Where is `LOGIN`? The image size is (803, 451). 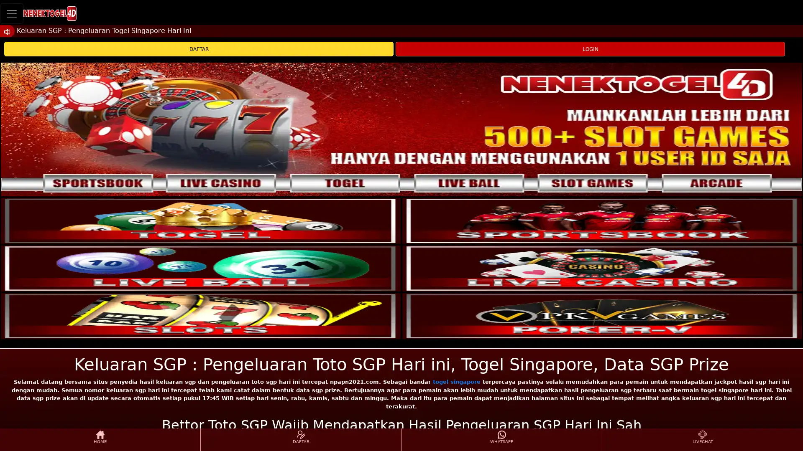
LOGIN is located at coordinates (590, 49).